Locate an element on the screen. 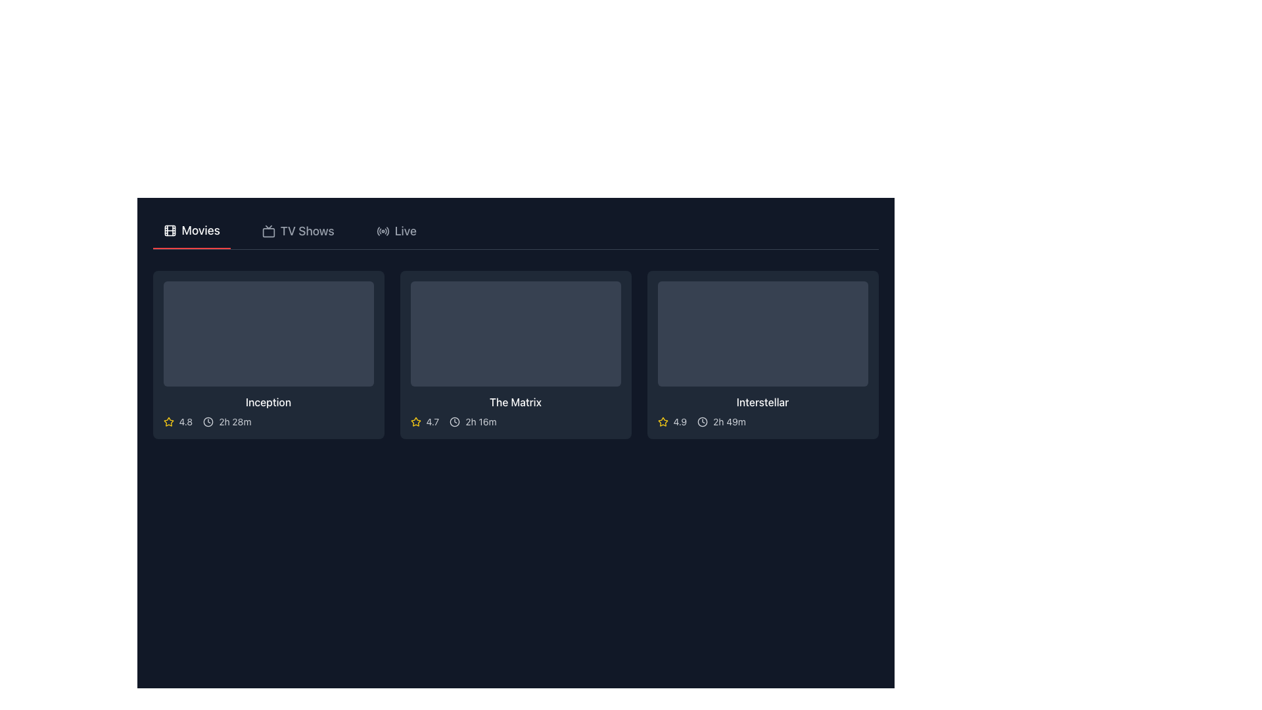 The width and height of the screenshot is (1262, 710). the SVG icon representing the 'Movies' section located at the top-left of the application's interface is located at coordinates (169, 230).